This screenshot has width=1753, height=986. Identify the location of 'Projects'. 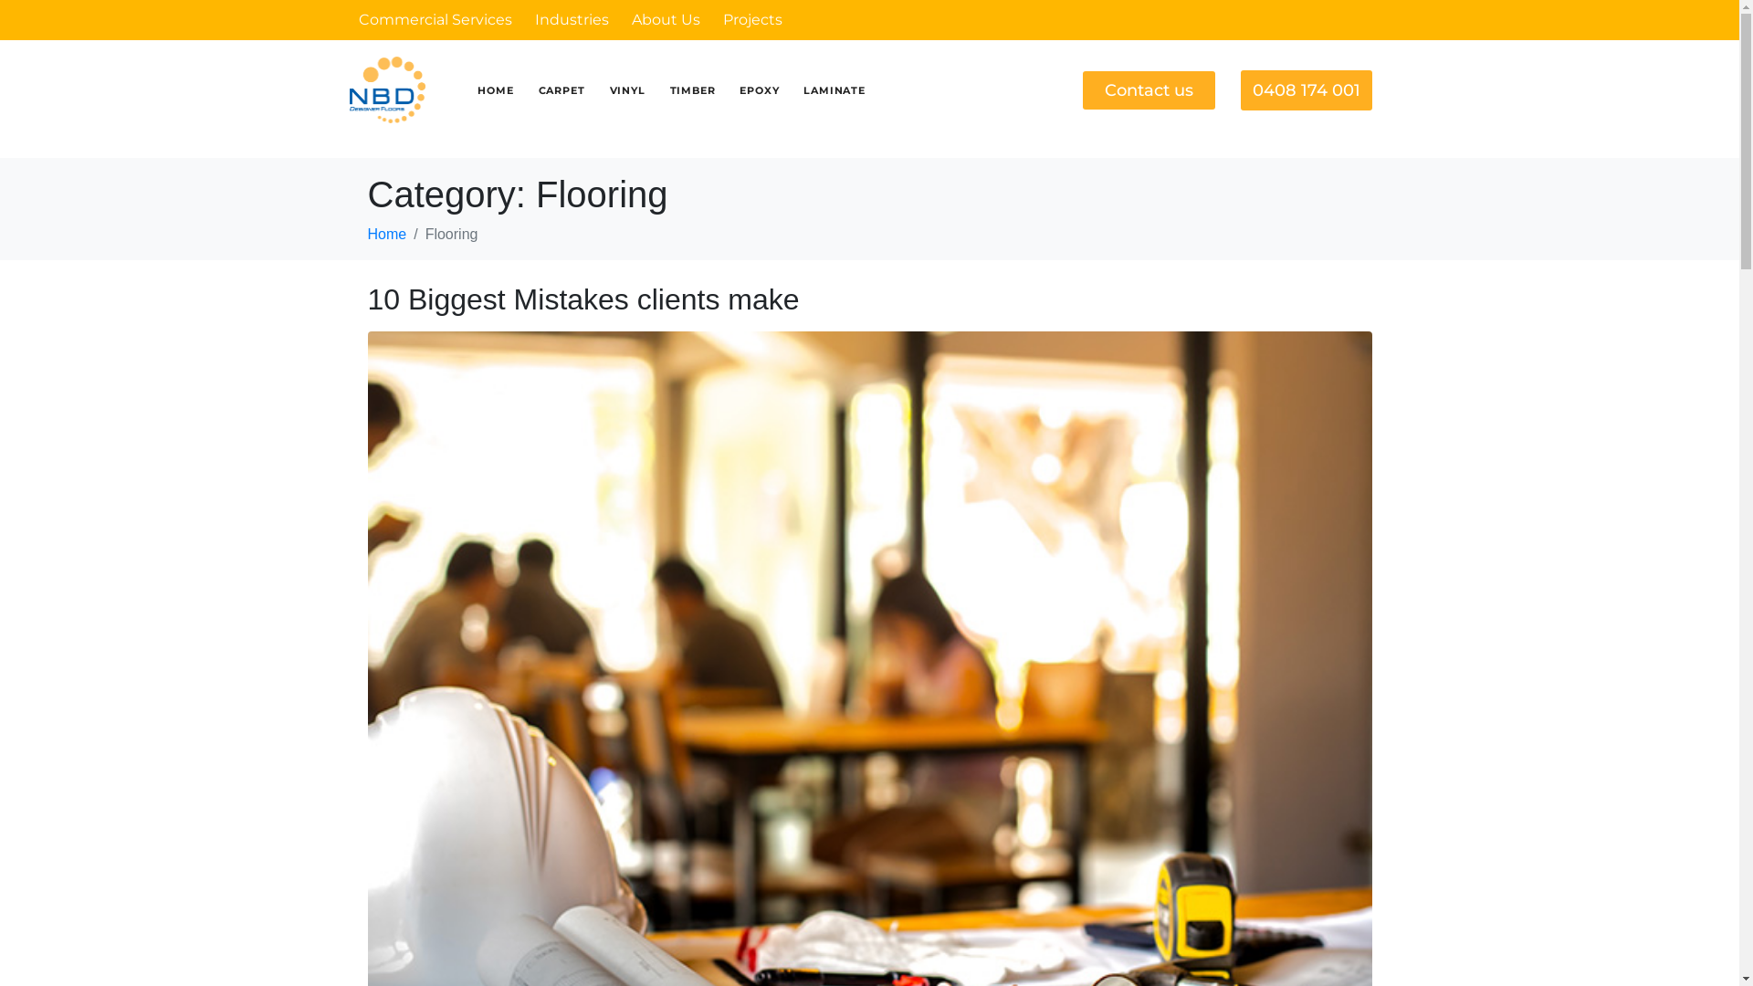
(752, 19).